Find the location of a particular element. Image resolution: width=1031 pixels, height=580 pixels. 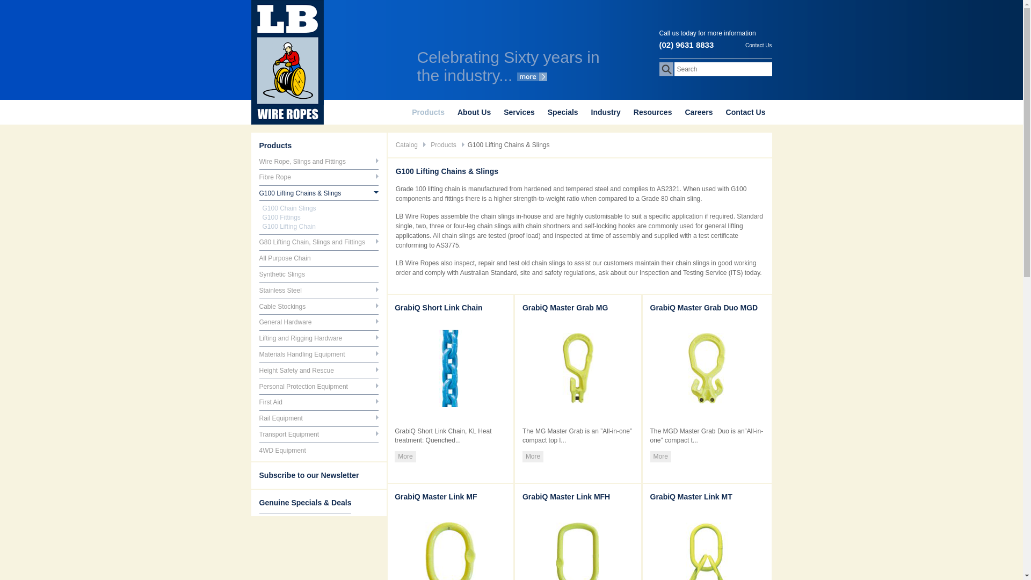

'Cable Stockings' is located at coordinates (282, 306).